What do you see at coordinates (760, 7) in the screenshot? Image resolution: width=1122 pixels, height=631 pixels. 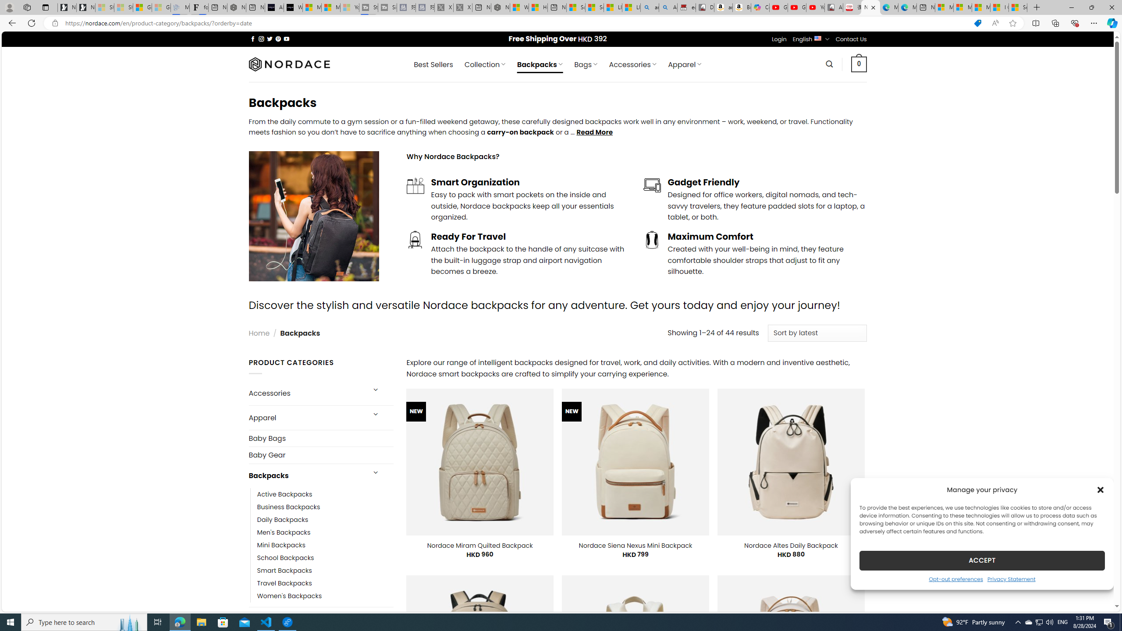 I see `'Copilot'` at bounding box center [760, 7].